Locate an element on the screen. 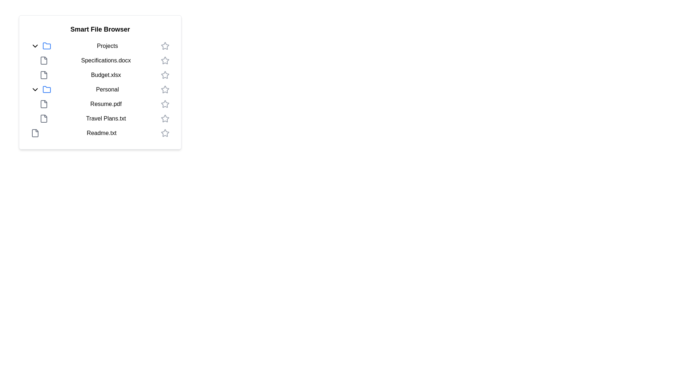 This screenshot has height=392, width=697. the star-shaped icon button located next to the 'Readme.txt' file in the file list is located at coordinates (165, 133).